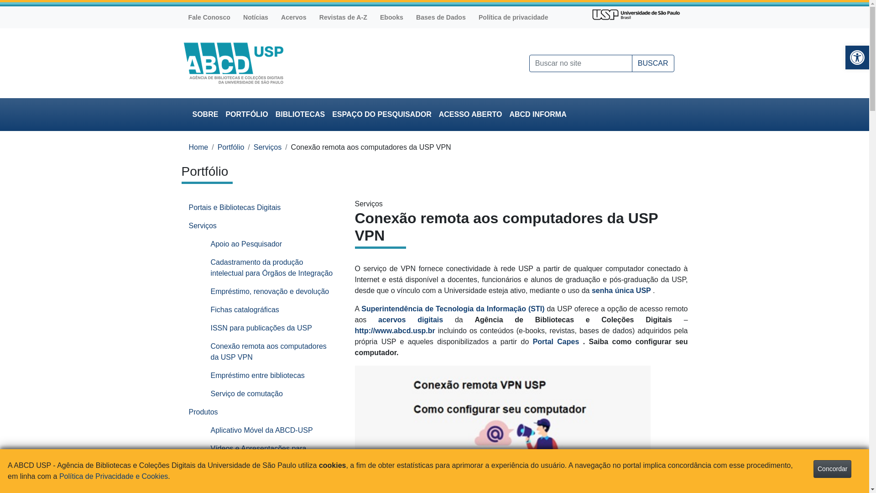 This screenshot has width=876, height=493. I want to click on 'SOBRE', so click(205, 114).